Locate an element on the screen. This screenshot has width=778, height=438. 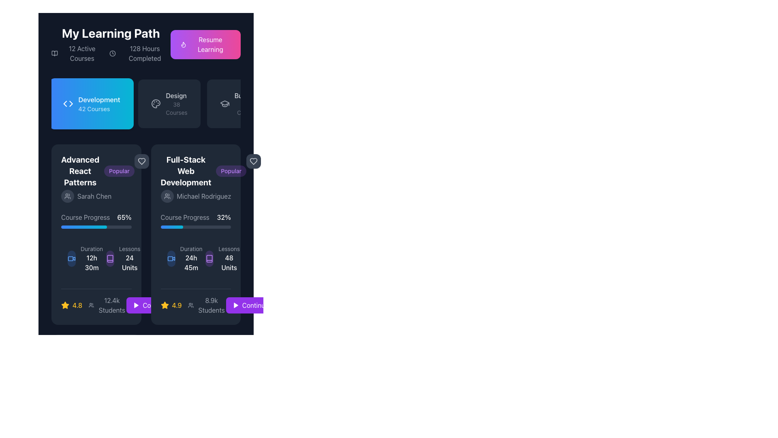
displayed information about the total duration of the course, which is shown in the Text and Icon Group located under the progress bar labeled 'Course Progress 32%' in the 'Full-Stack Web Development' course section is located at coordinates (196, 258).